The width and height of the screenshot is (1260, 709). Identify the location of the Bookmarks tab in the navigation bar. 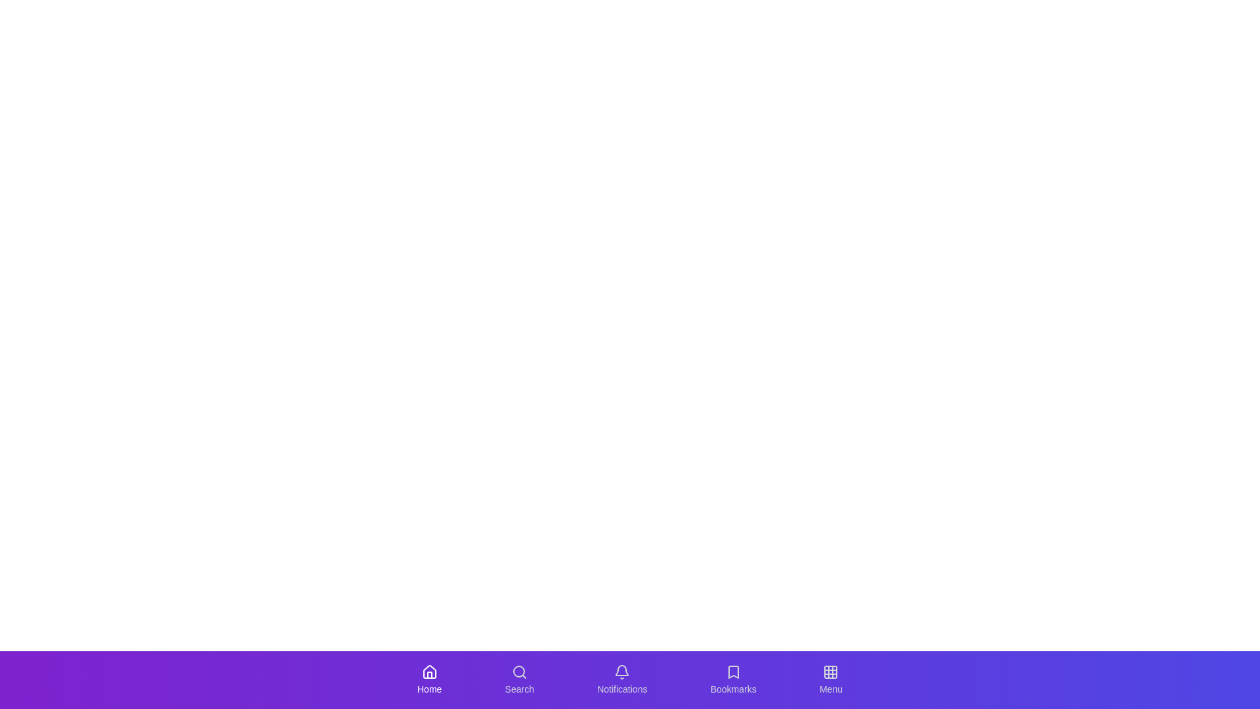
(732, 679).